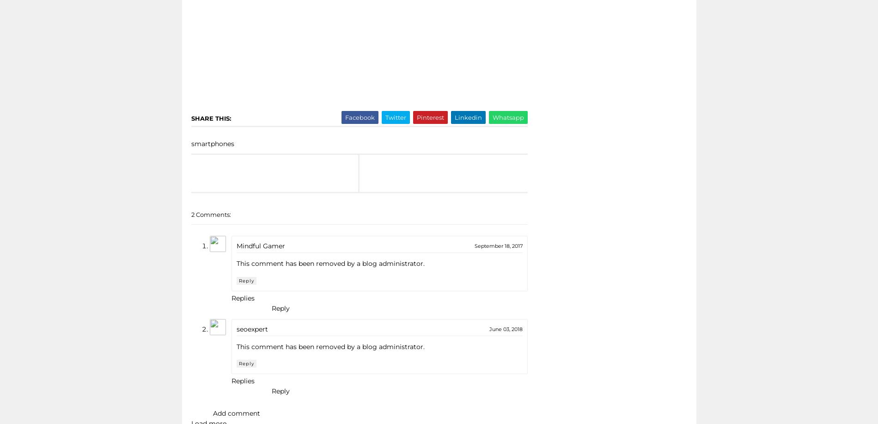  I want to click on 'Facebook', so click(359, 117).